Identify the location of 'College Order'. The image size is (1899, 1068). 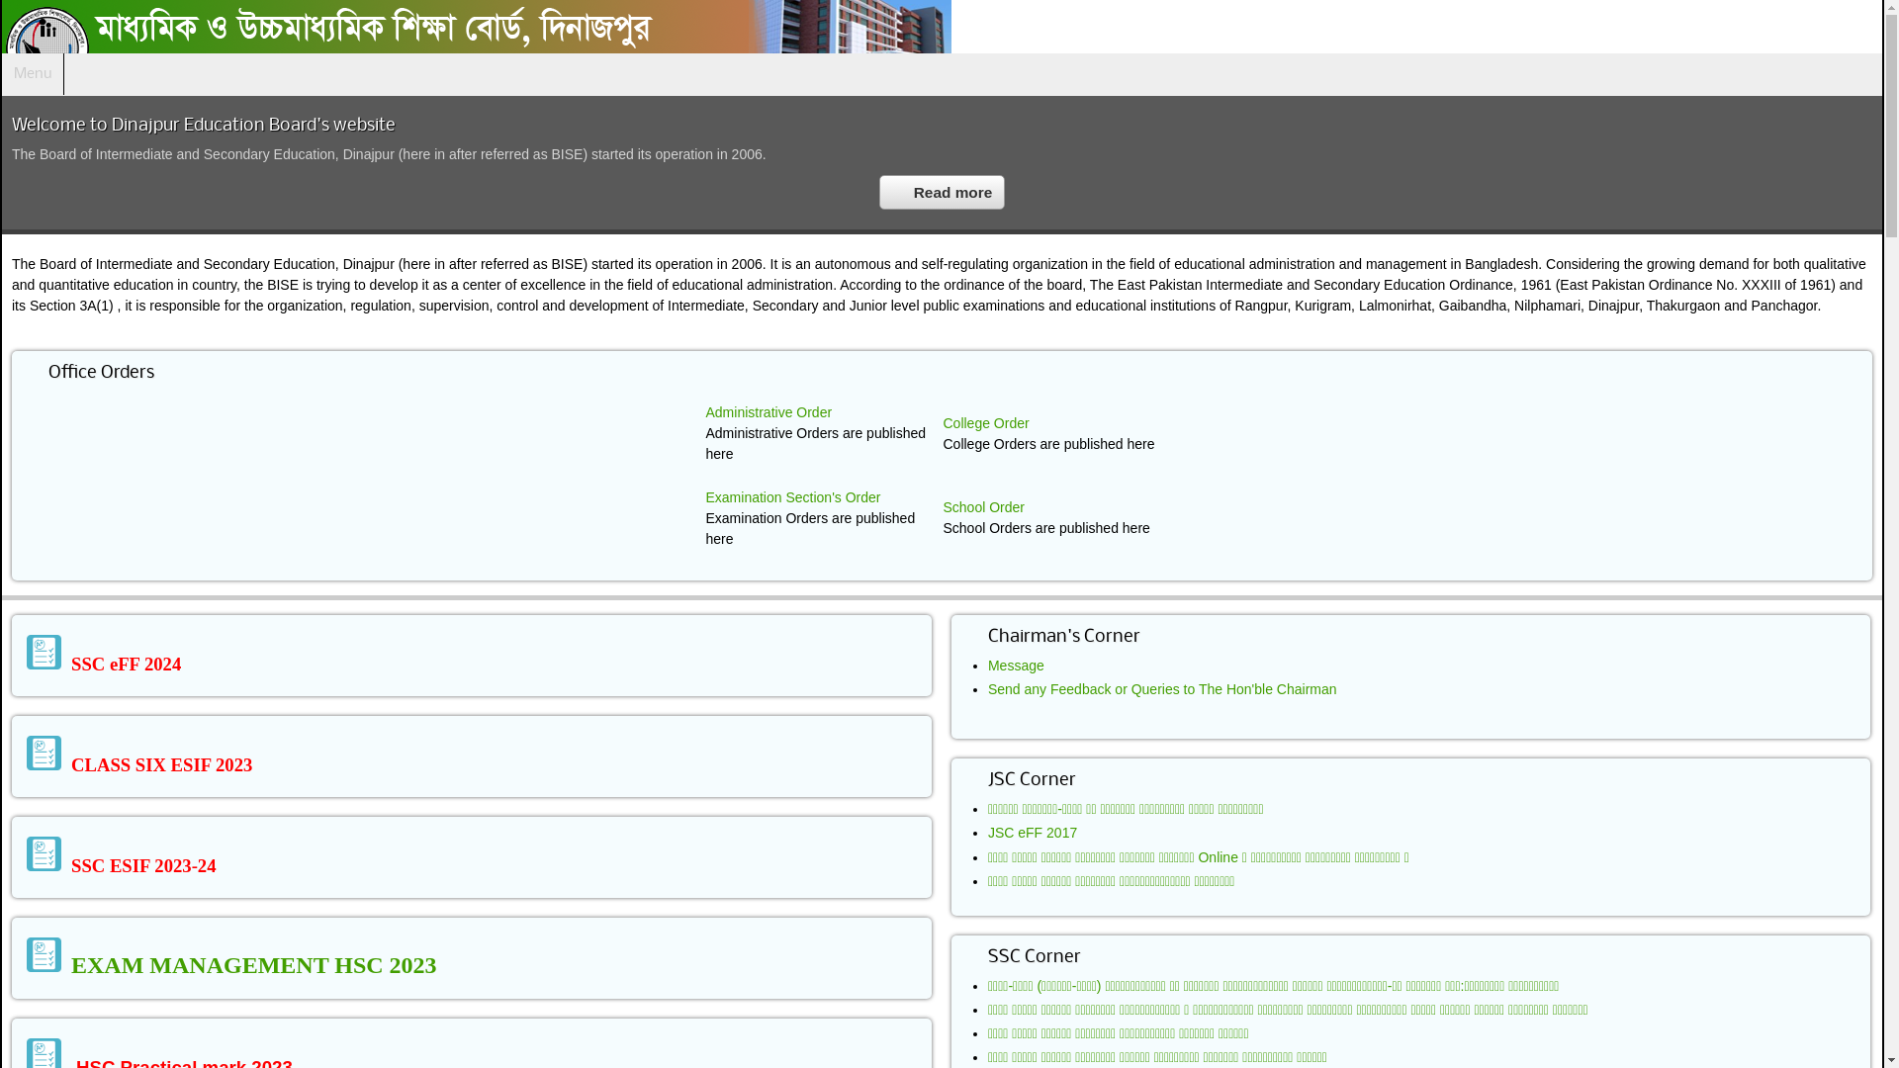
(943, 422).